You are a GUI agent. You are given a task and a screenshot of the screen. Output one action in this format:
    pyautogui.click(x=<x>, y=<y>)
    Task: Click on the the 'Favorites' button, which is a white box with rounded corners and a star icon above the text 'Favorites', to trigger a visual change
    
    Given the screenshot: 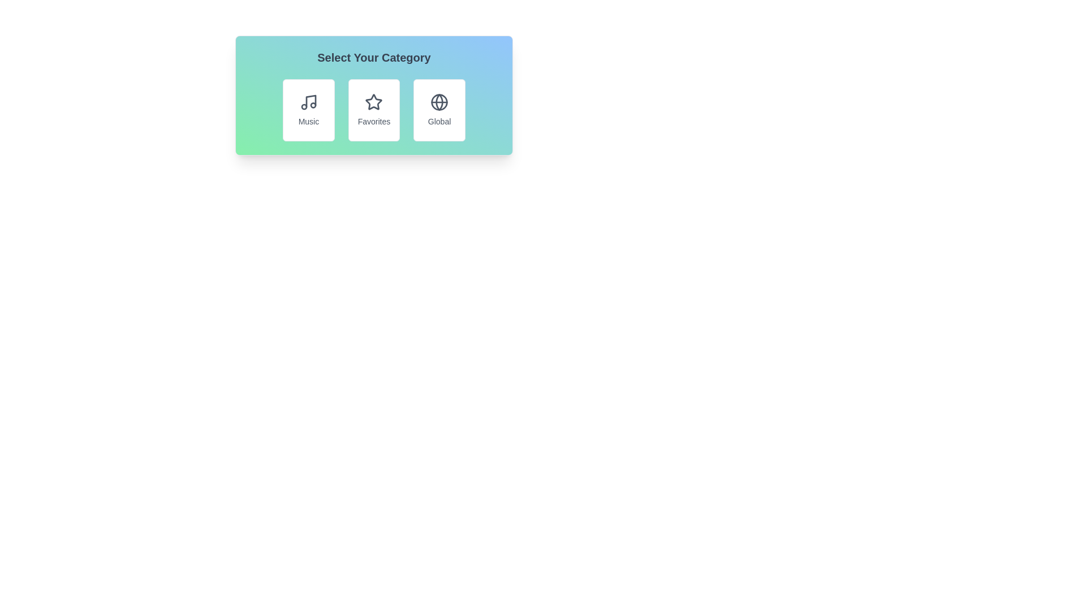 What is the action you would take?
    pyautogui.click(x=374, y=110)
    